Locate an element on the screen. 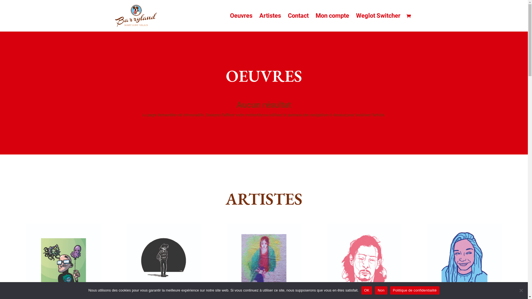  'Oeuvres' is located at coordinates (241, 22).